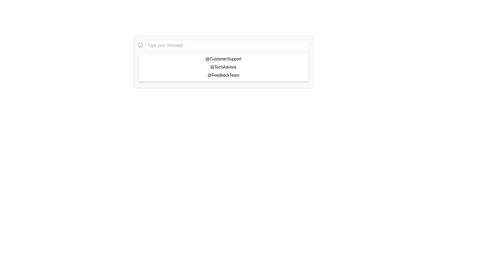  Describe the element at coordinates (223, 75) in the screenshot. I see `the third text link in the vertical list, located below '@TechAdvisor', to interact or navigate` at that location.